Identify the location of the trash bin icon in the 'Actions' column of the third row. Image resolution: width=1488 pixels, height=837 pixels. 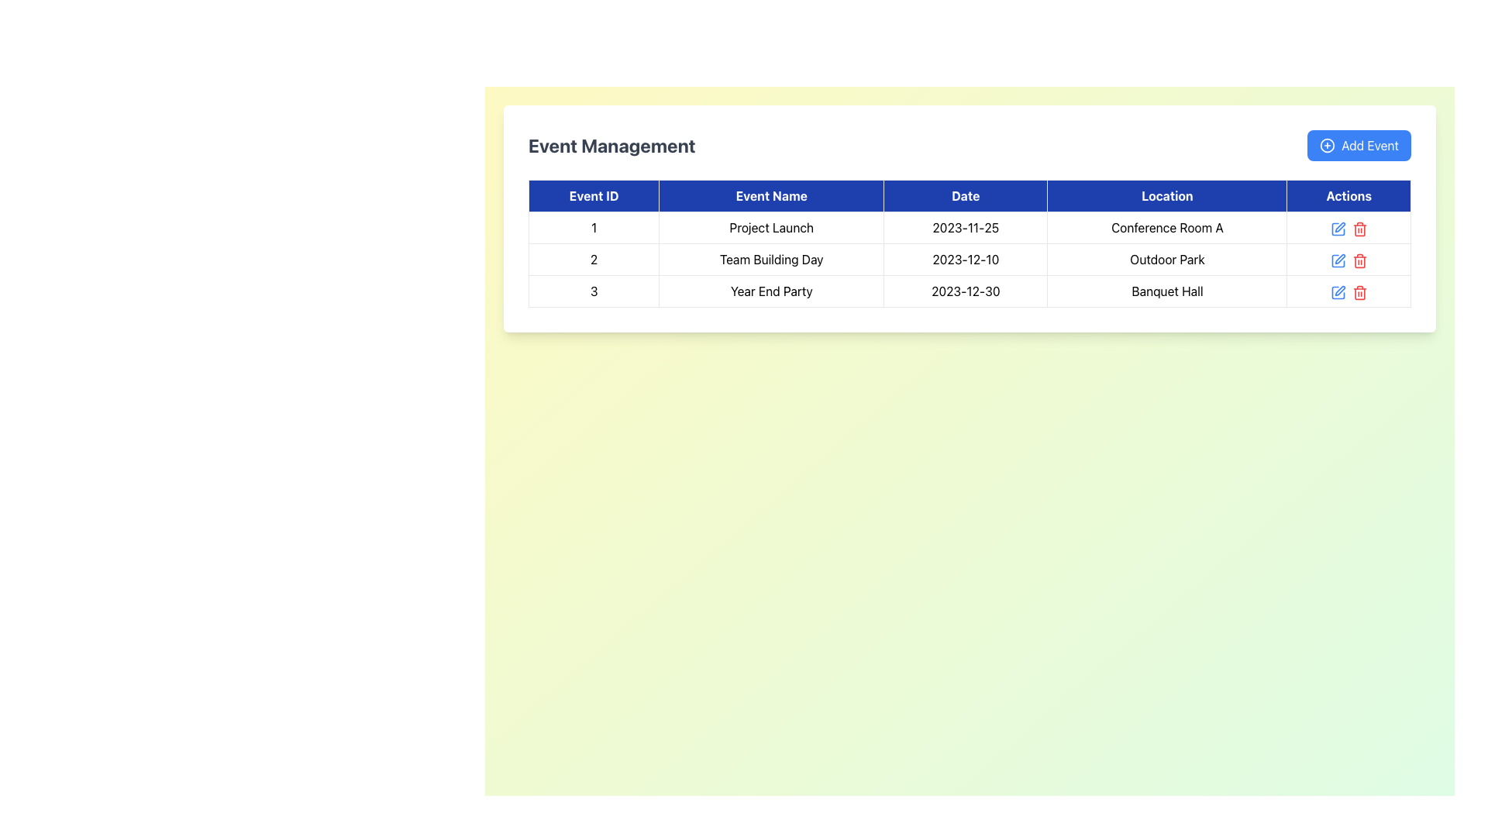
(1359, 227).